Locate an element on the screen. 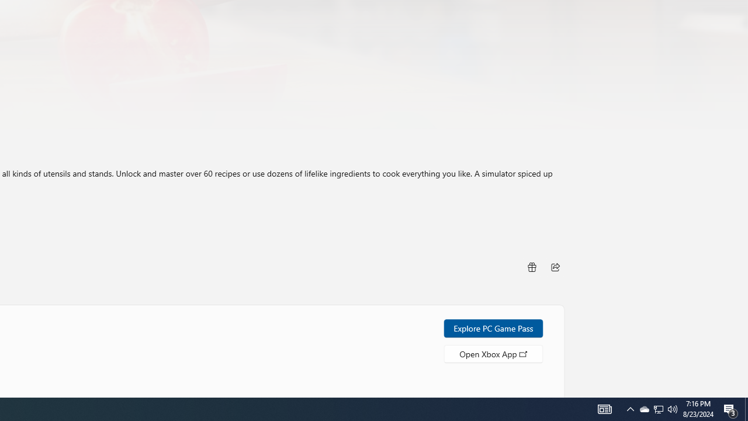  'Share' is located at coordinates (555, 267).